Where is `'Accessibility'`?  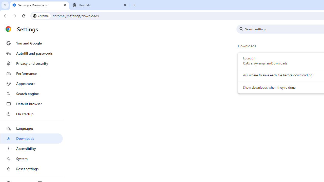 'Accessibility' is located at coordinates (31, 148).